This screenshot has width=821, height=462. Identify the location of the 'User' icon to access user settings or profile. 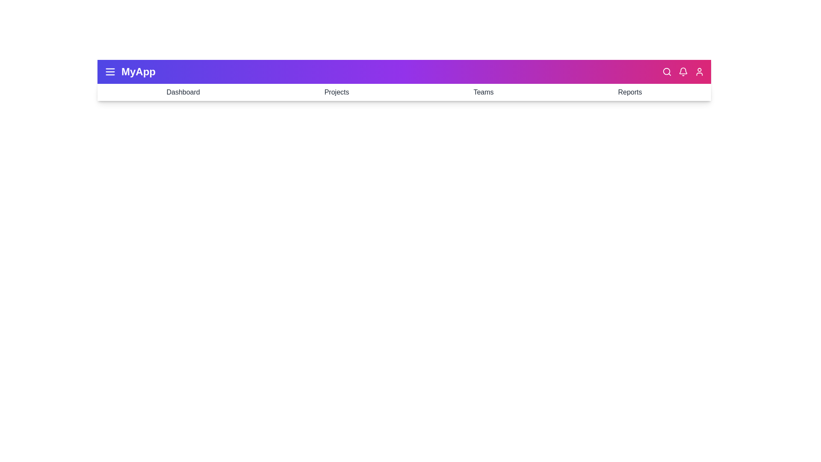
(700, 71).